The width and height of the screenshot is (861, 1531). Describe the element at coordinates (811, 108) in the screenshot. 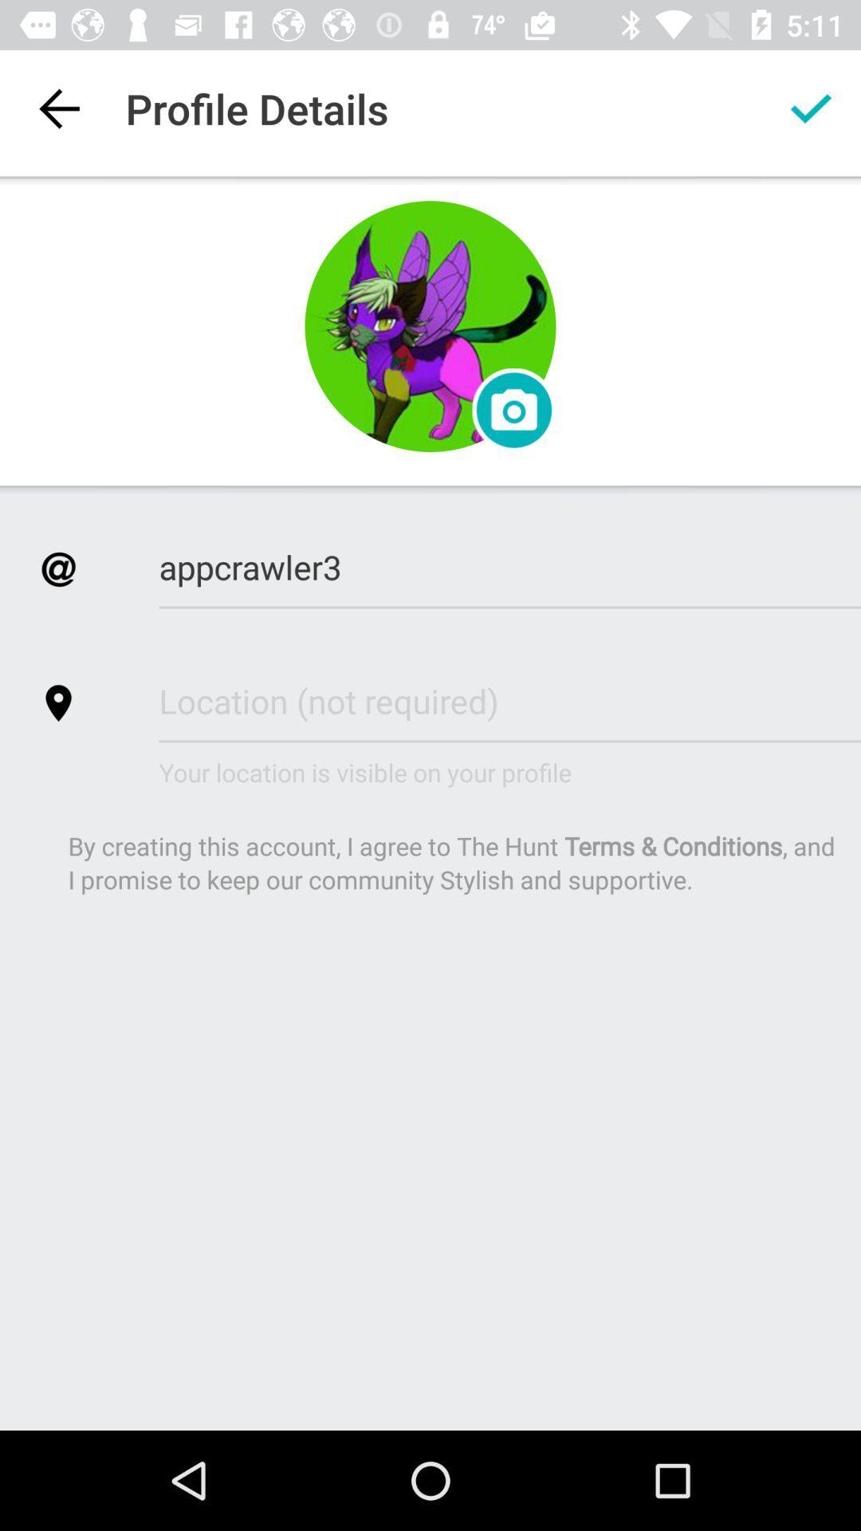

I see `verify profile` at that location.